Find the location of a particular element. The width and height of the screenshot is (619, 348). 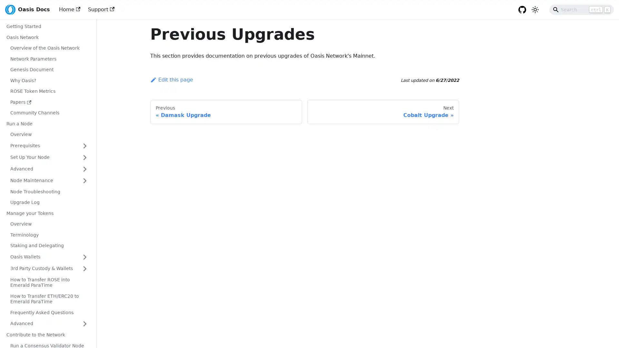

Toggle the collapsible sidebar category 'Advanced' is located at coordinates (84, 324).